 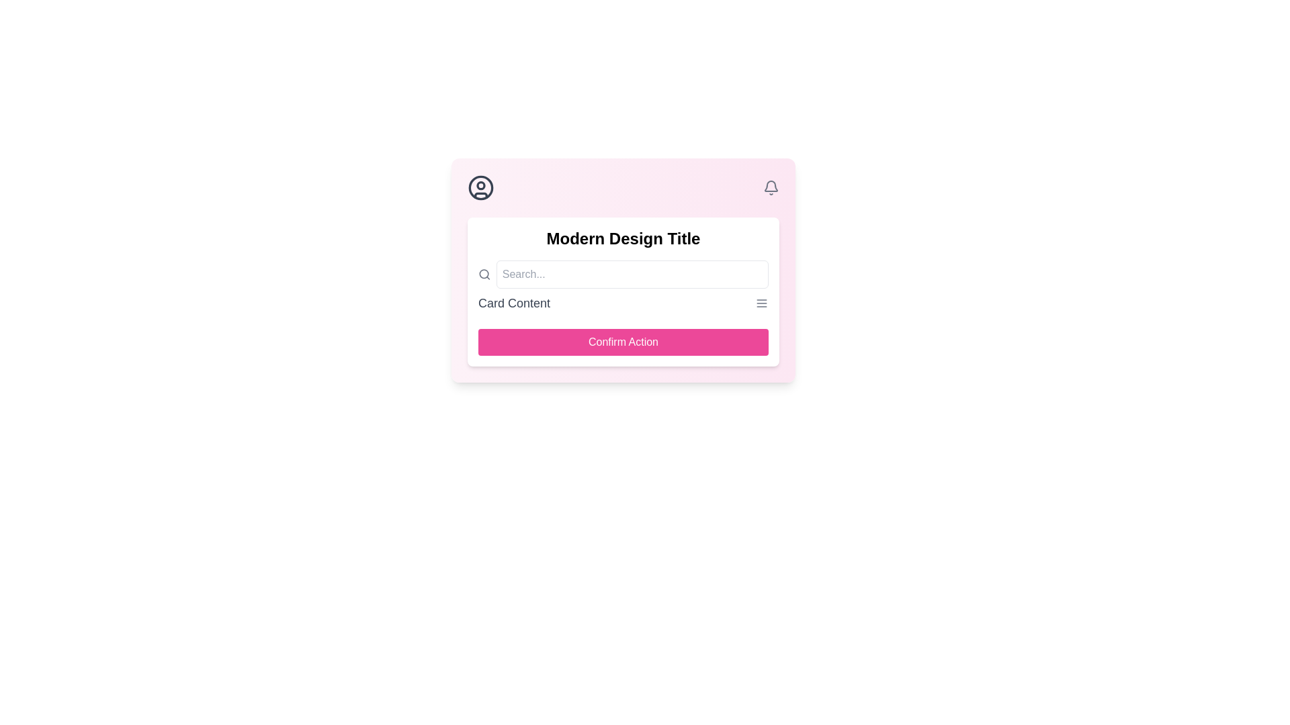 What do you see at coordinates (771, 188) in the screenshot?
I see `the light gray bell icon located in the top-right corner of the header section` at bounding box center [771, 188].